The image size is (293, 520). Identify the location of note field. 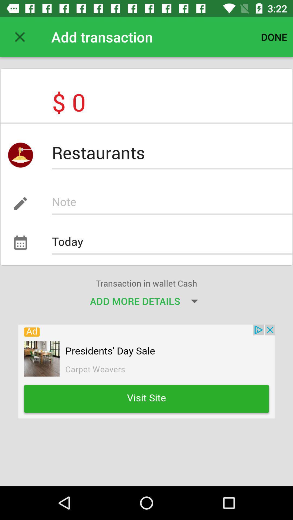
(172, 203).